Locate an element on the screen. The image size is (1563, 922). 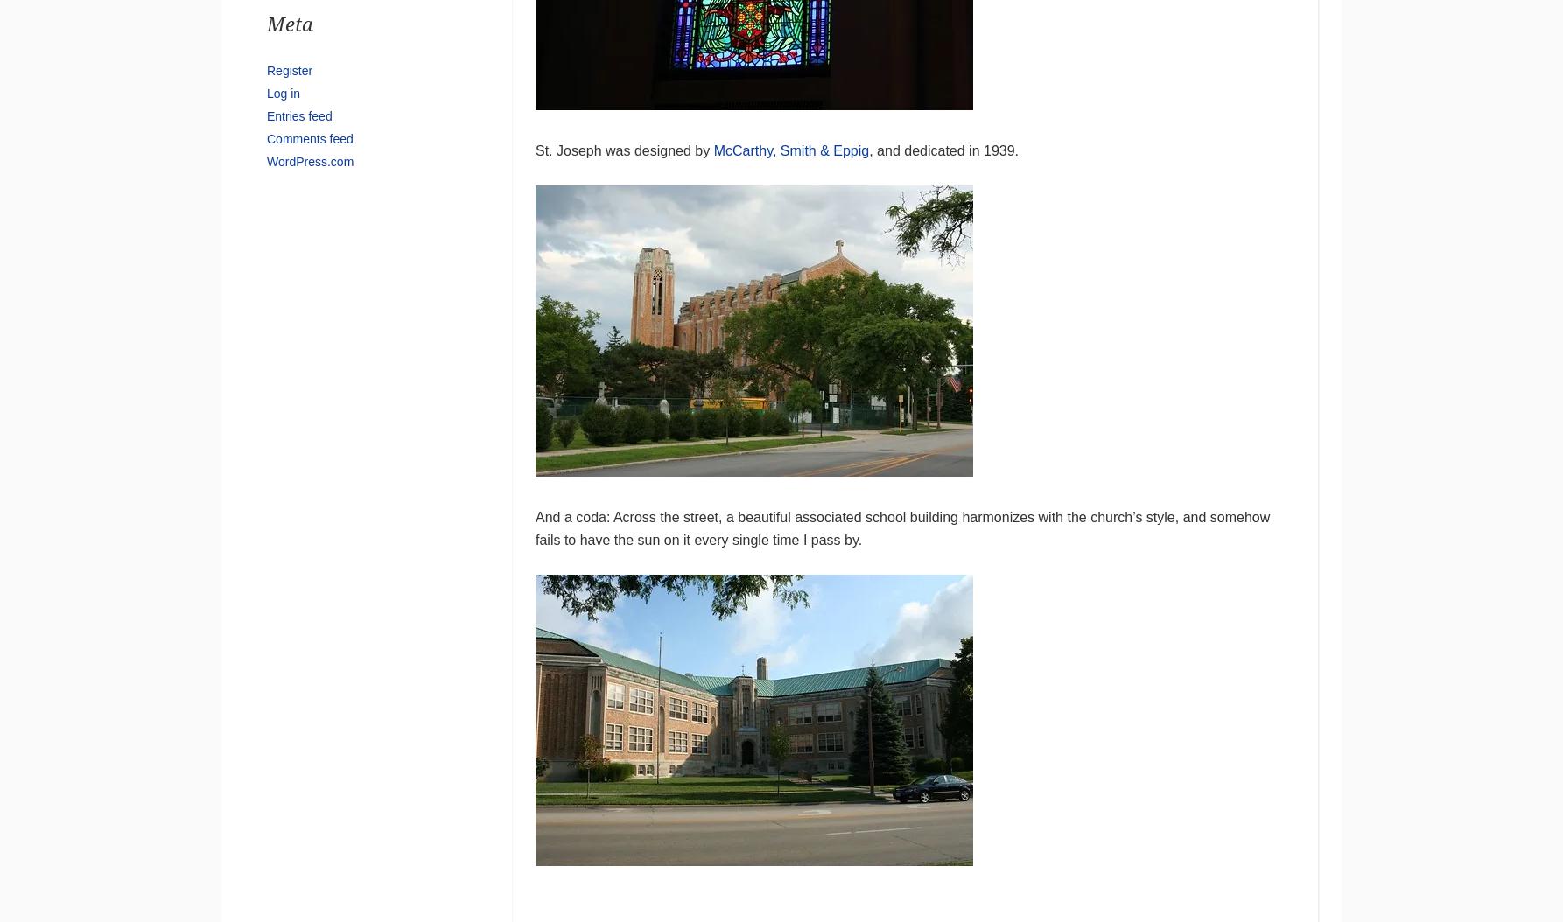
'Meta' is located at coordinates (289, 24).